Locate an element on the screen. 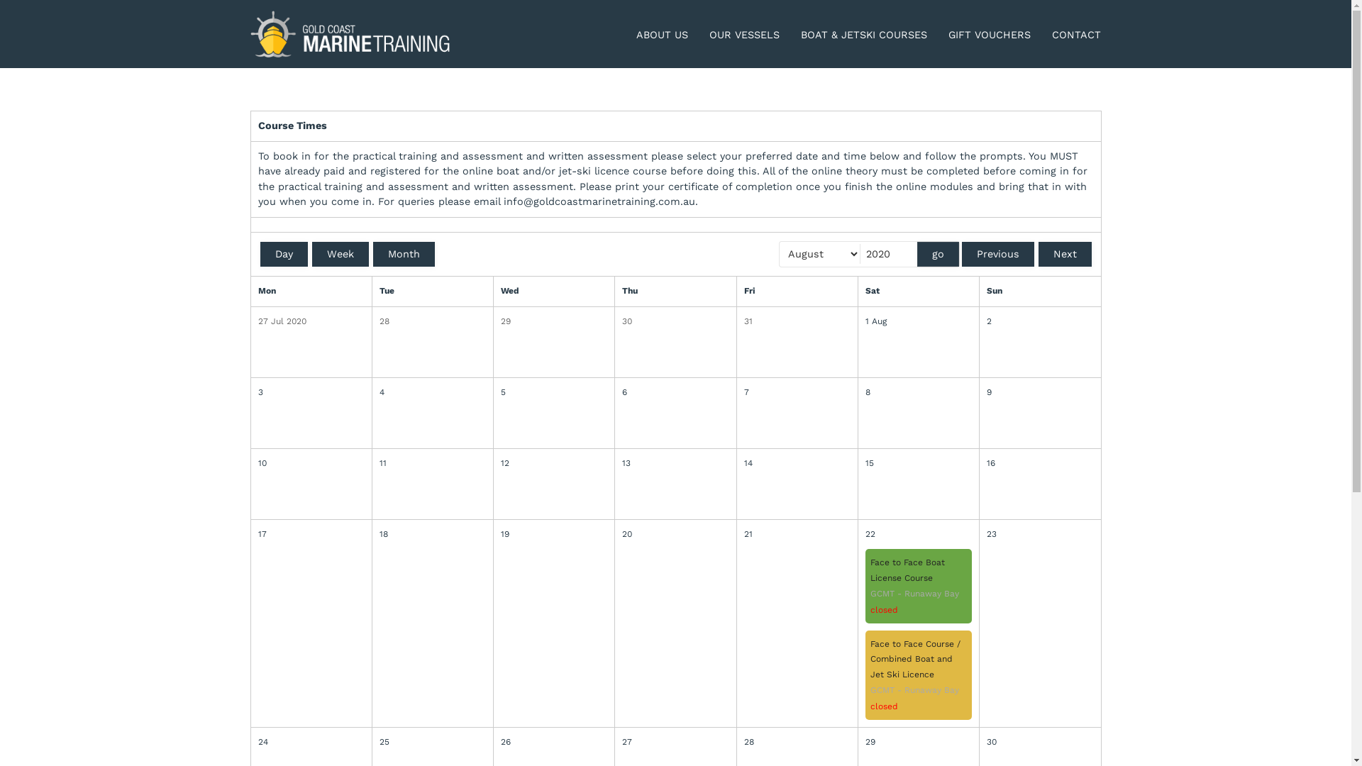 The height and width of the screenshot is (766, 1362). 'Gold Coast Marine Training' is located at coordinates (350, 33).